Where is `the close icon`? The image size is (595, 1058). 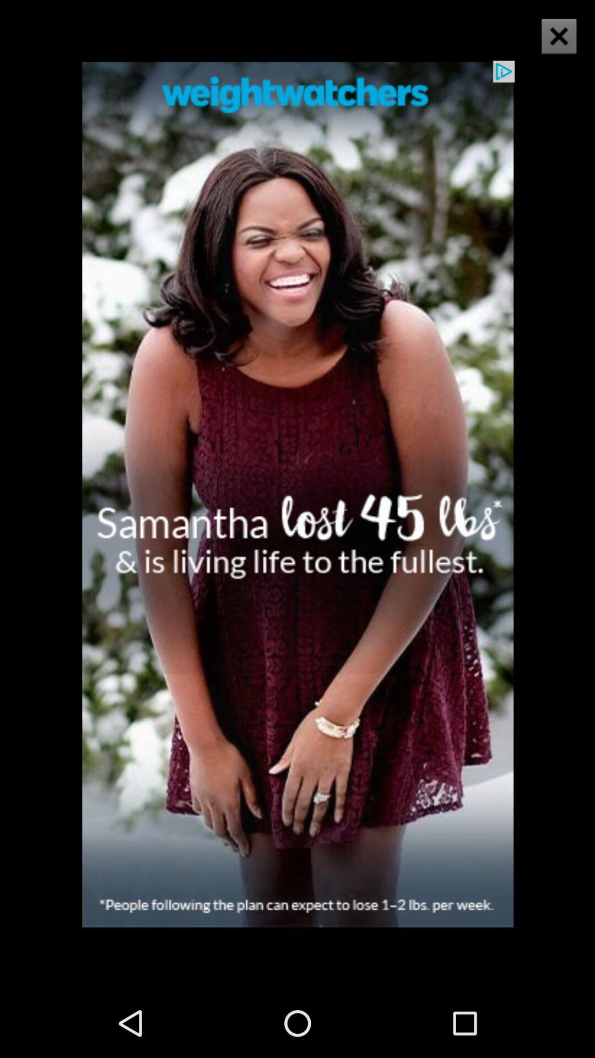 the close icon is located at coordinates (559, 39).